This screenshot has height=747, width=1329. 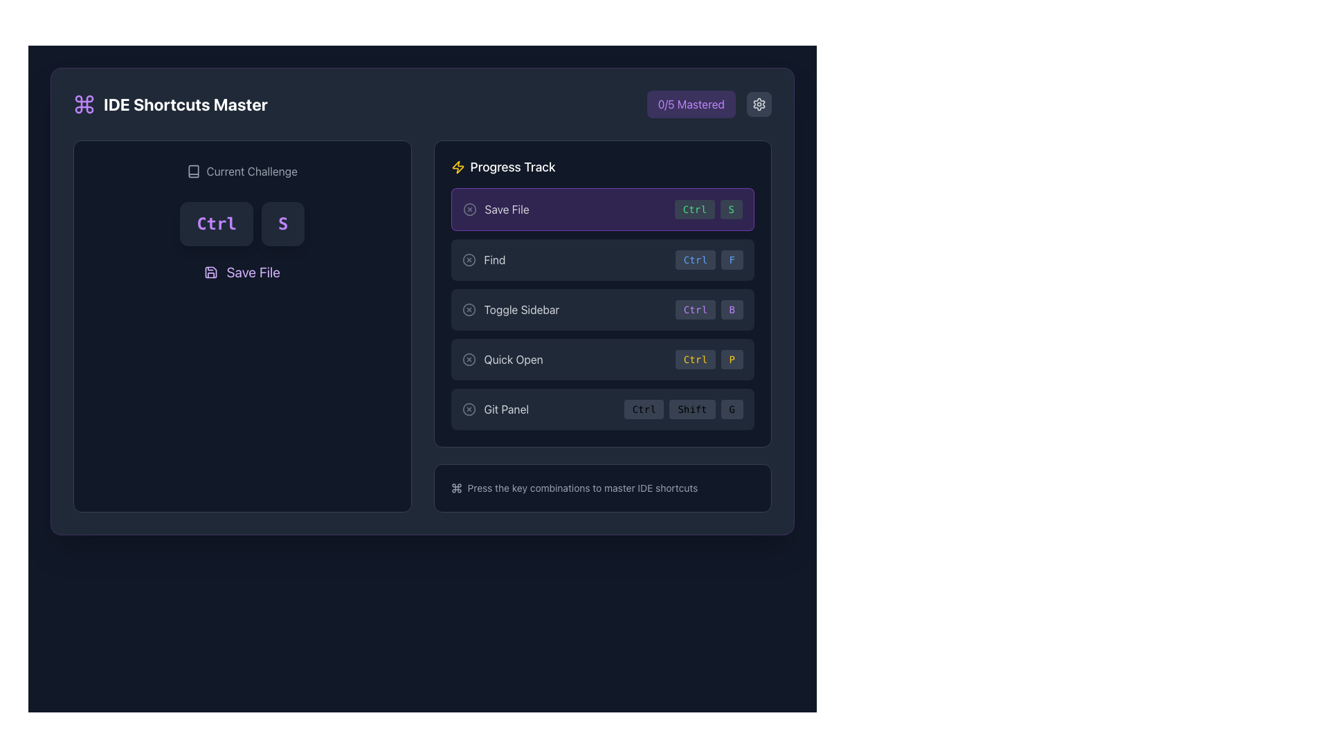 I want to click on the settings icon, represented as a cogwheel, located in the top-right corner of the interface, so click(x=759, y=103).